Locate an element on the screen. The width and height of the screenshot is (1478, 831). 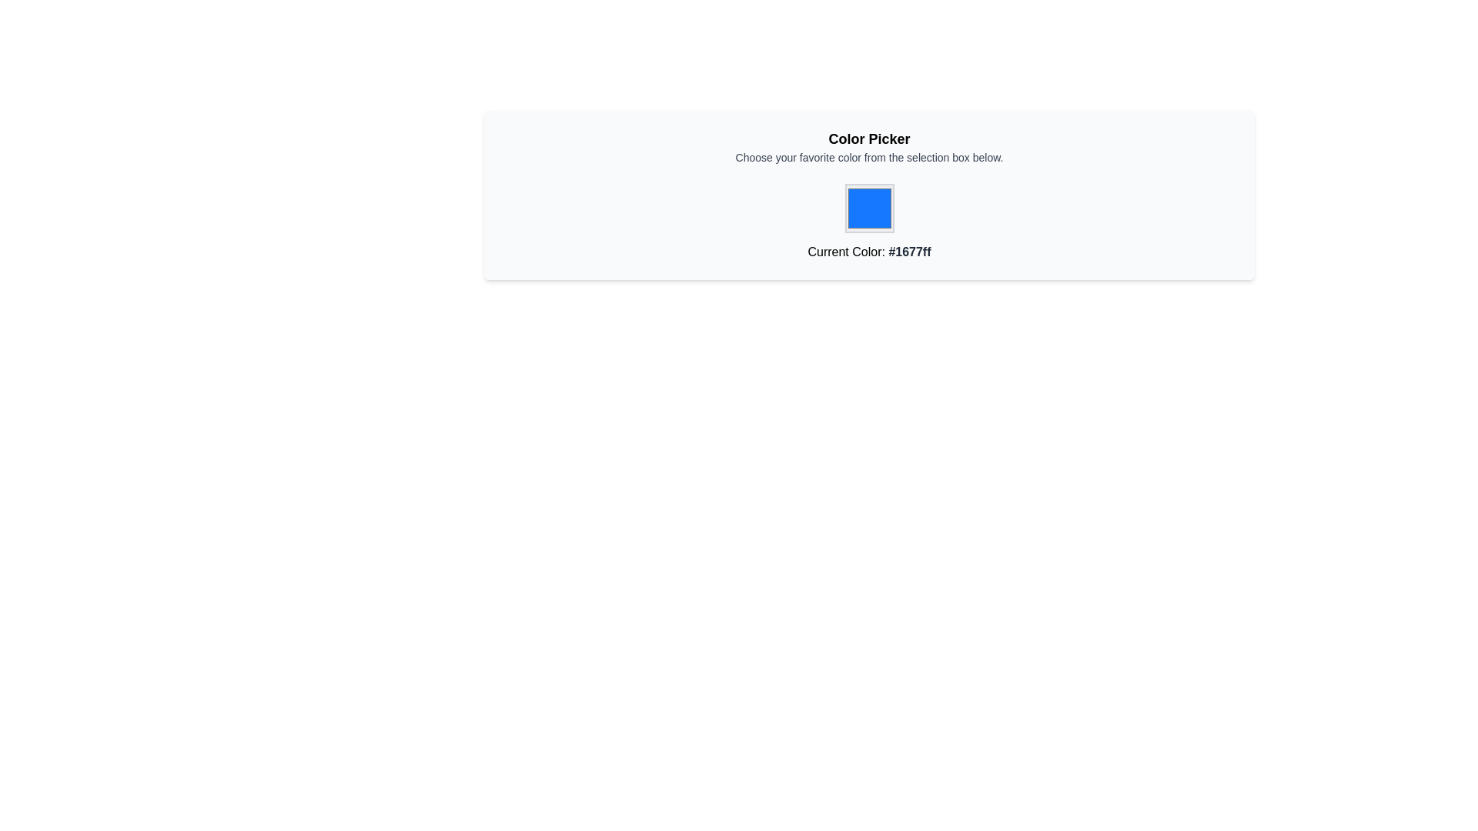
the text label displaying 'Current Color: #1677ff' is located at coordinates (869, 246).